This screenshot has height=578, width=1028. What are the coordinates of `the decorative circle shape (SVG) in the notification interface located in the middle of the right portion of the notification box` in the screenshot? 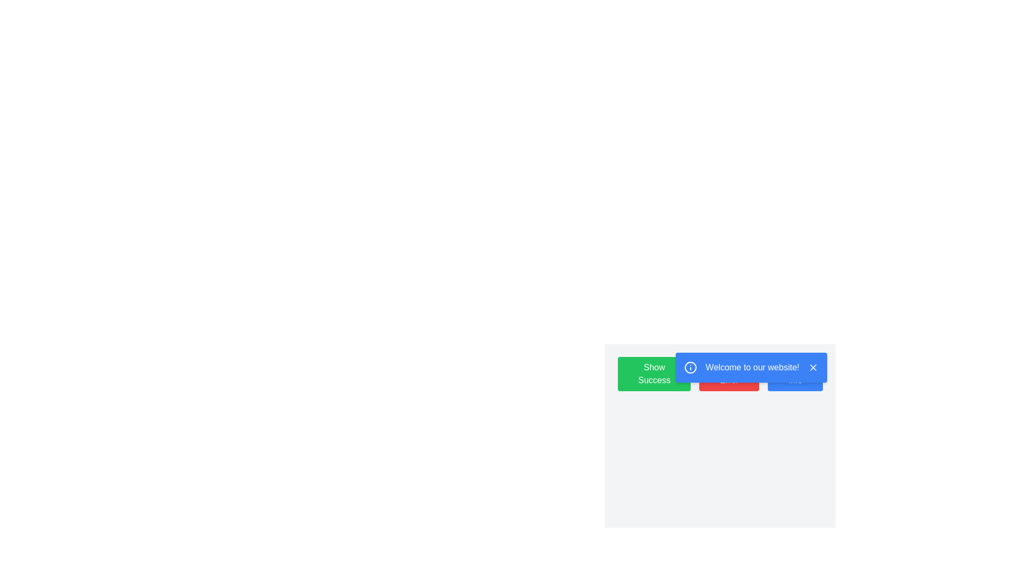 It's located at (691, 367).